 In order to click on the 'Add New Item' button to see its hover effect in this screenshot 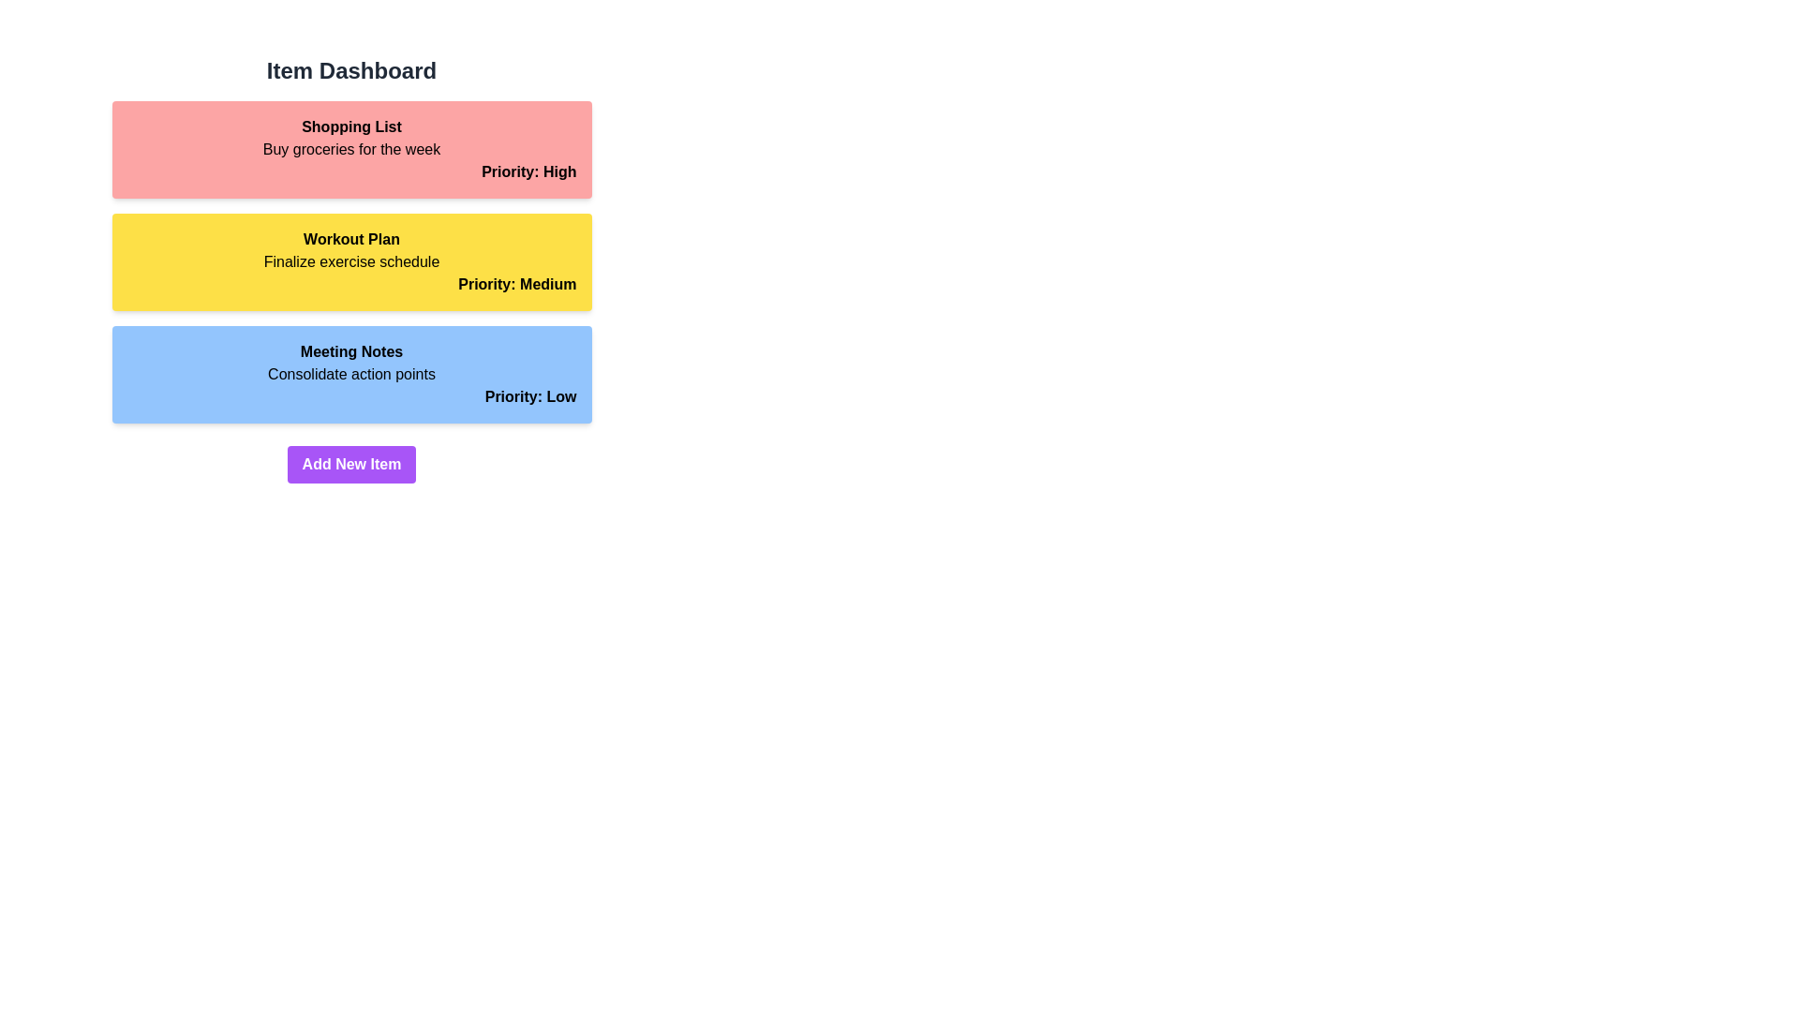, I will do `click(351, 464)`.